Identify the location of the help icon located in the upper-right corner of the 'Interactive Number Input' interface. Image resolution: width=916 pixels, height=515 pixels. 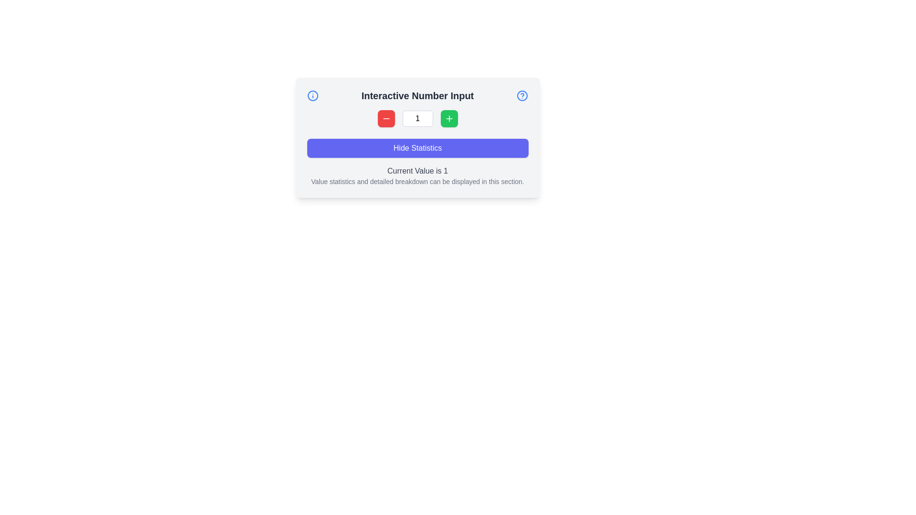
(522, 95).